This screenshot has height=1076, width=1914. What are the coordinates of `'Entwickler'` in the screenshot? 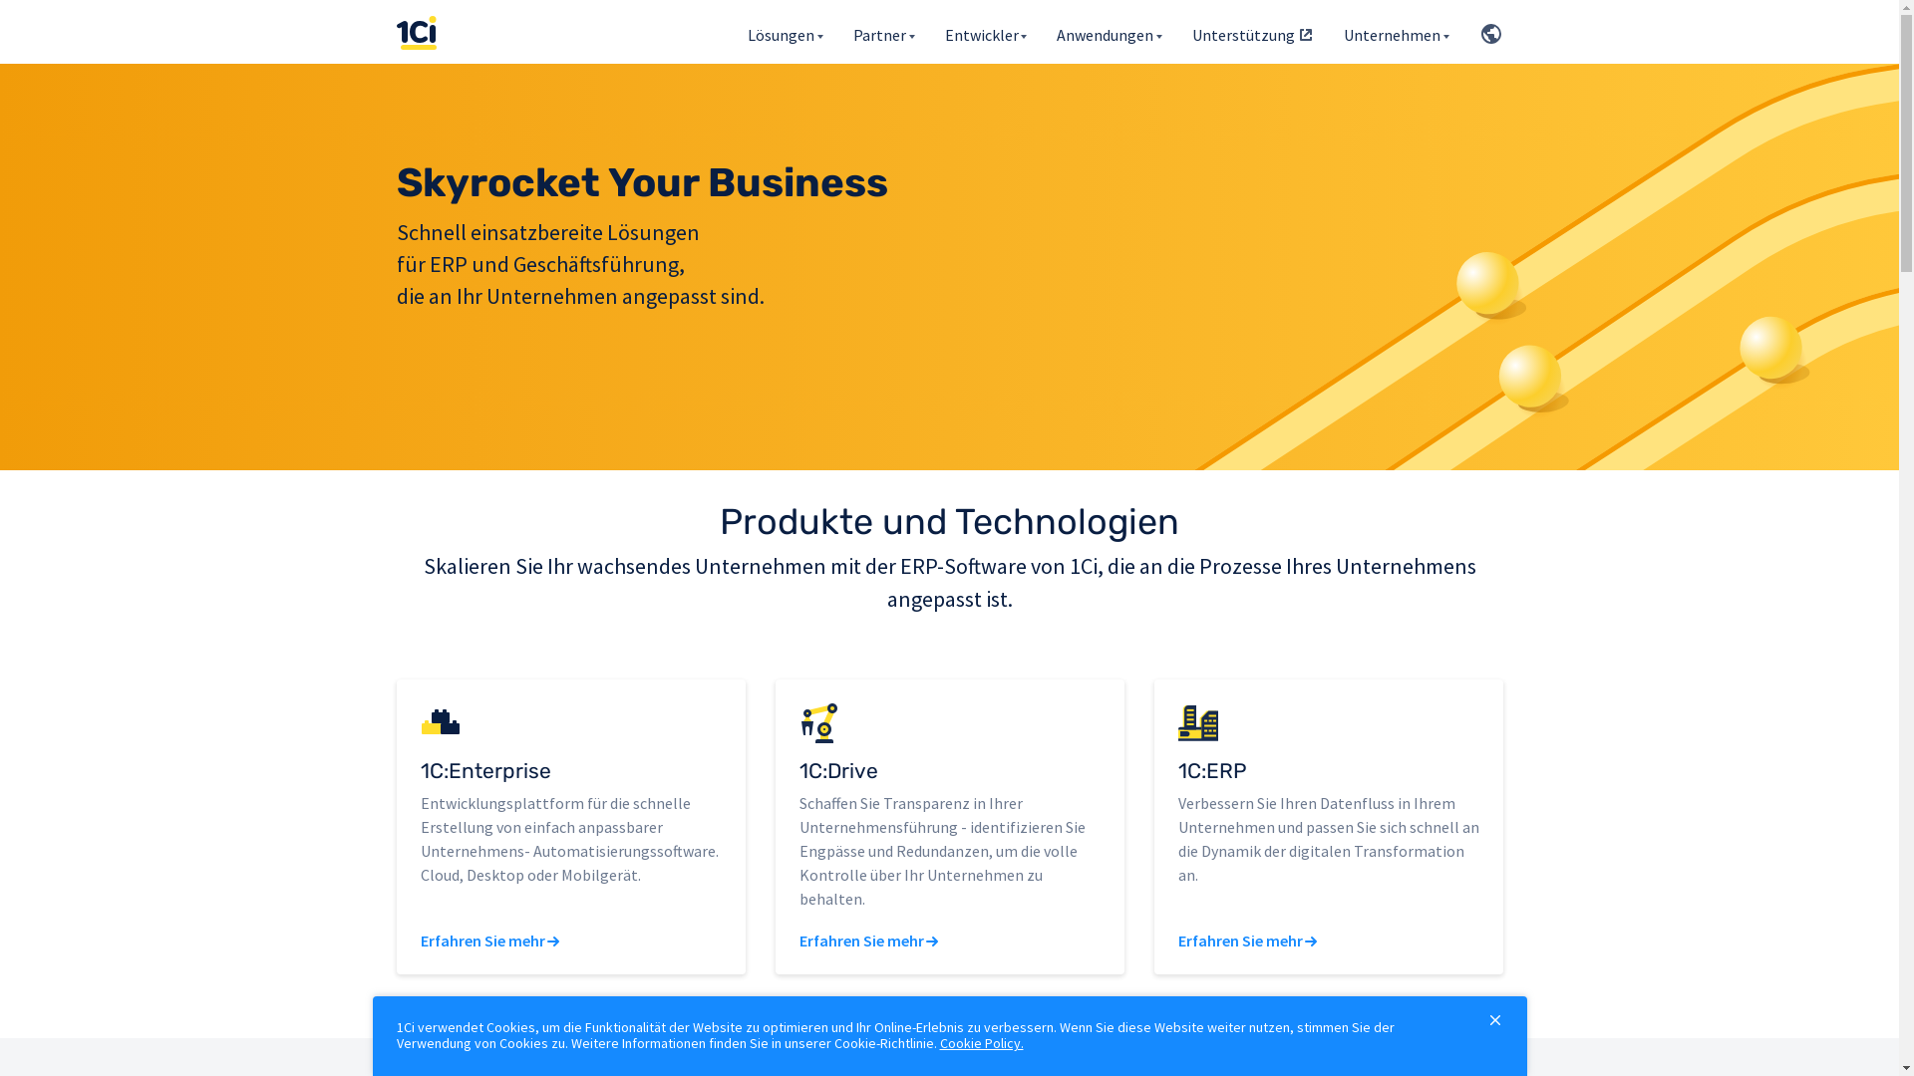 It's located at (986, 31).